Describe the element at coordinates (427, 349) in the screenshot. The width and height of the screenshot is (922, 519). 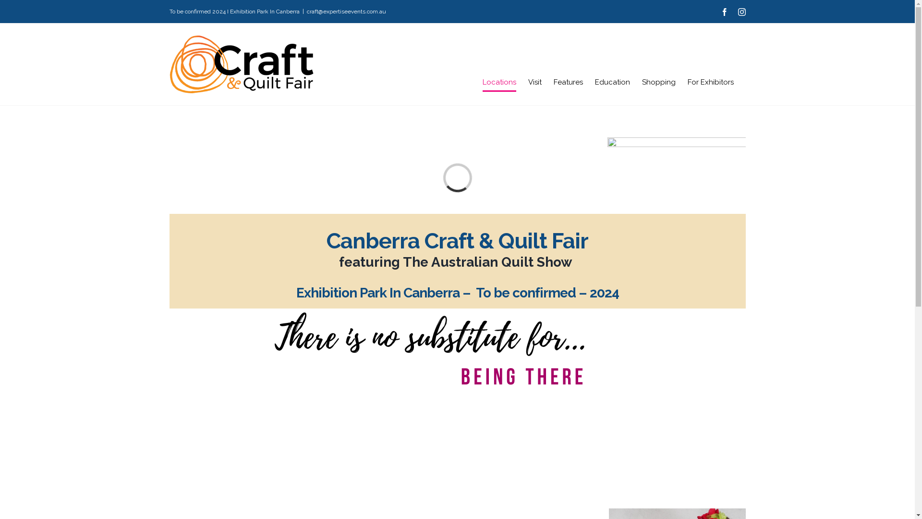
I see `'There-is-no-substitute-banner'` at that location.